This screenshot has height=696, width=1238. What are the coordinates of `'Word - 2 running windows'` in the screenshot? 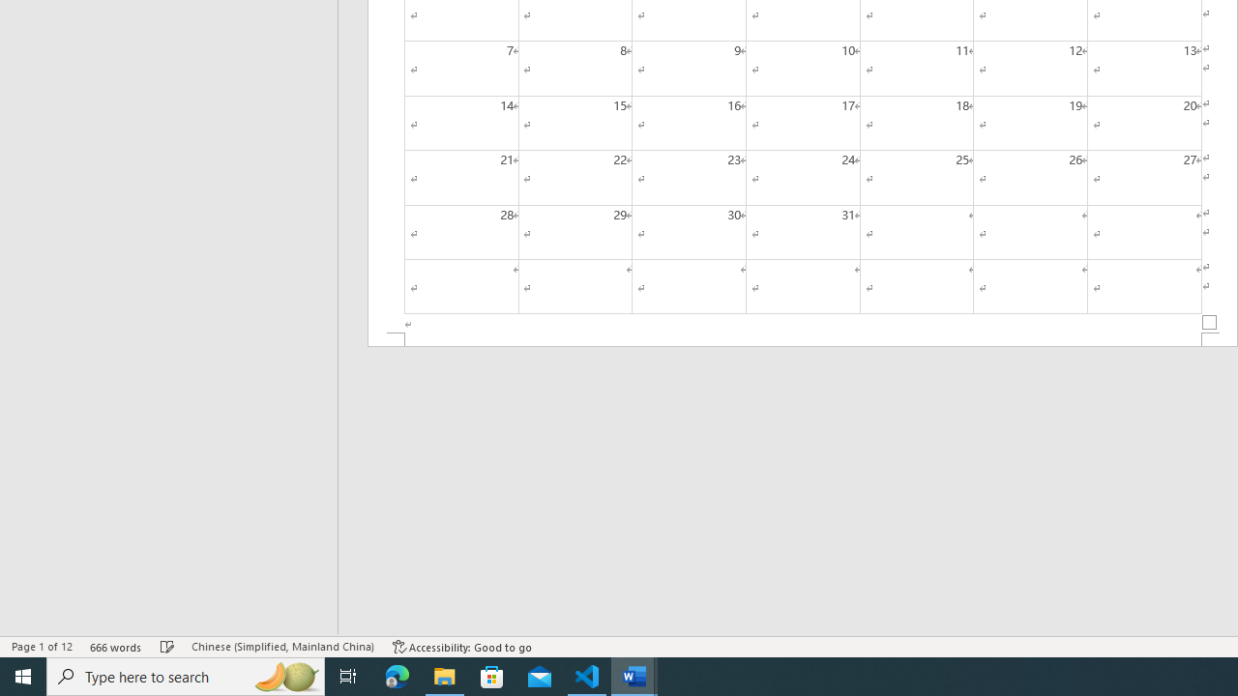 It's located at (634, 675).